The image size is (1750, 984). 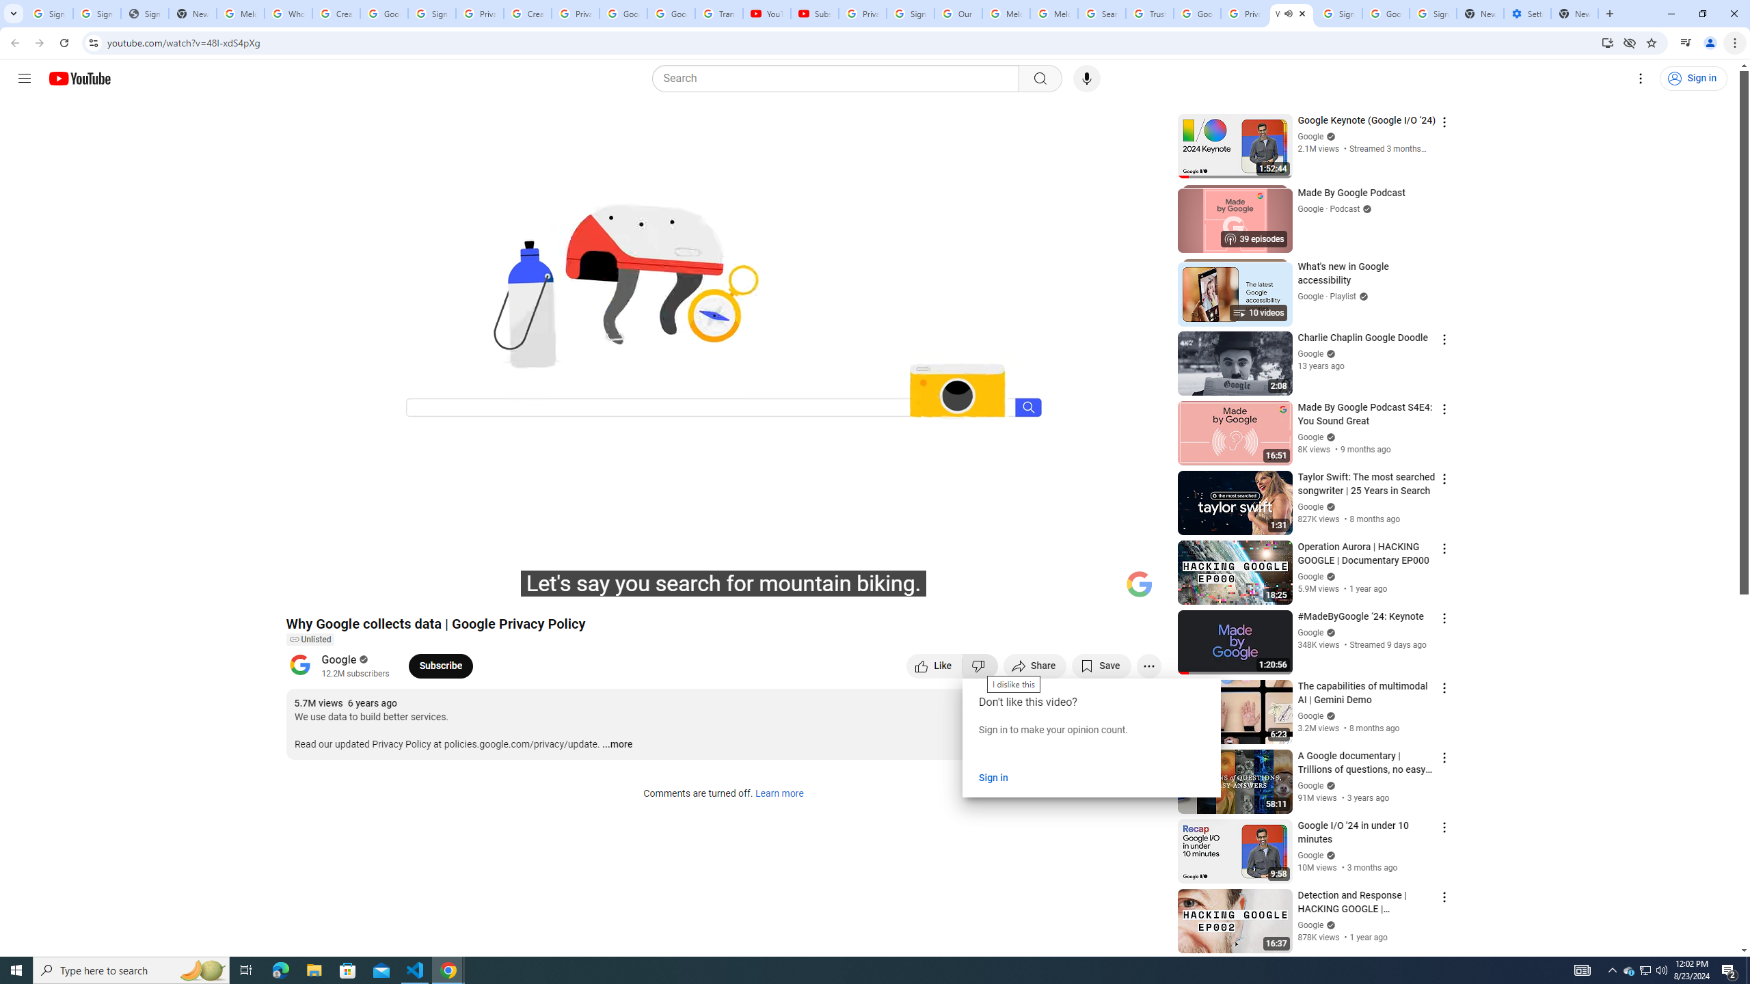 What do you see at coordinates (934, 665) in the screenshot?
I see `'Like'` at bounding box center [934, 665].